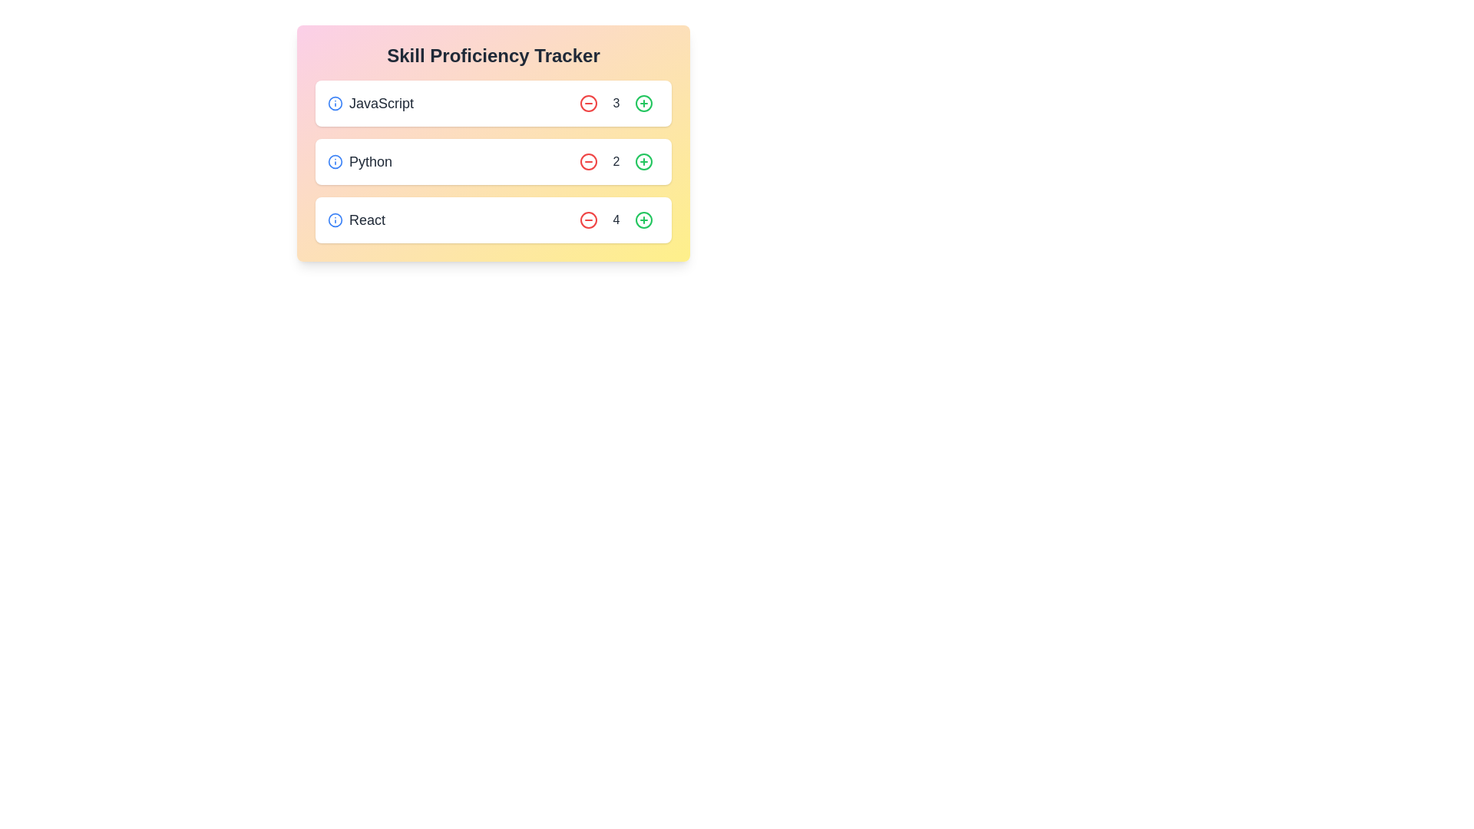  I want to click on '+' button to increase the proficiency level of the skill React, so click(644, 220).